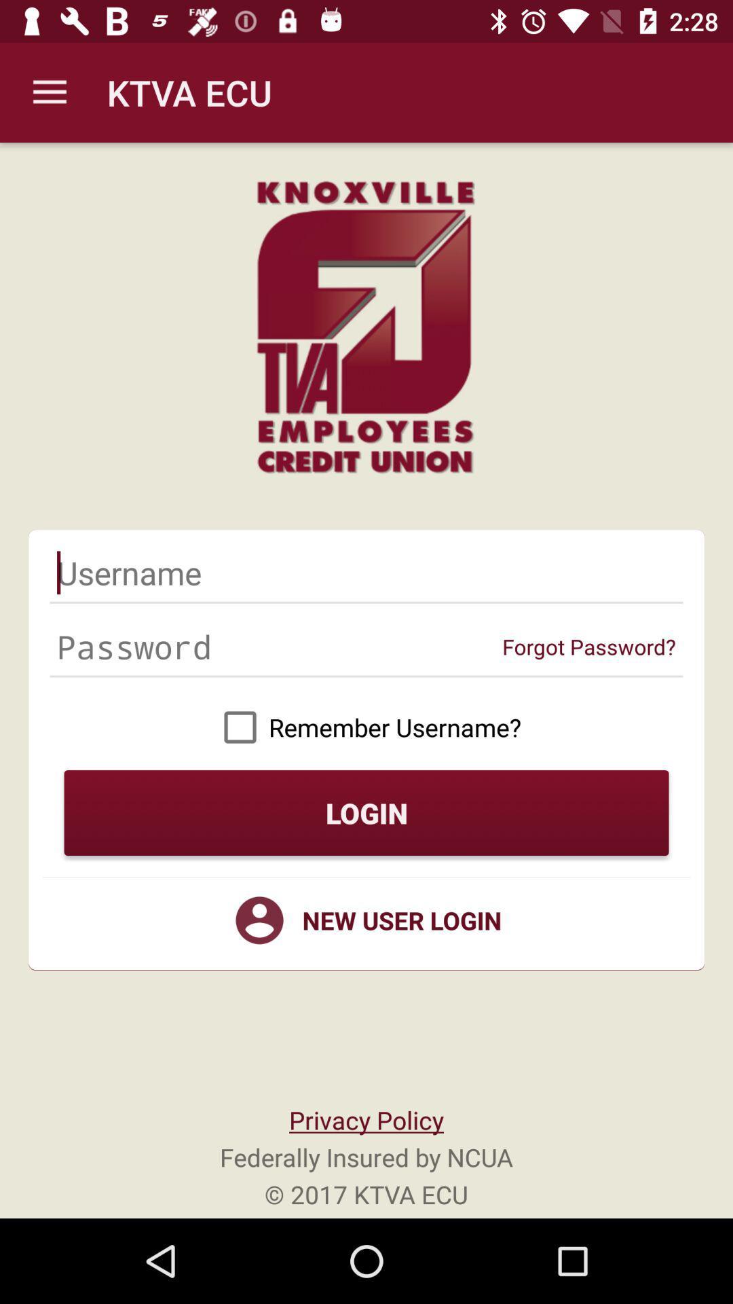 Image resolution: width=733 pixels, height=1304 pixels. Describe the element at coordinates (366, 1120) in the screenshot. I see `the privacy policy item` at that location.